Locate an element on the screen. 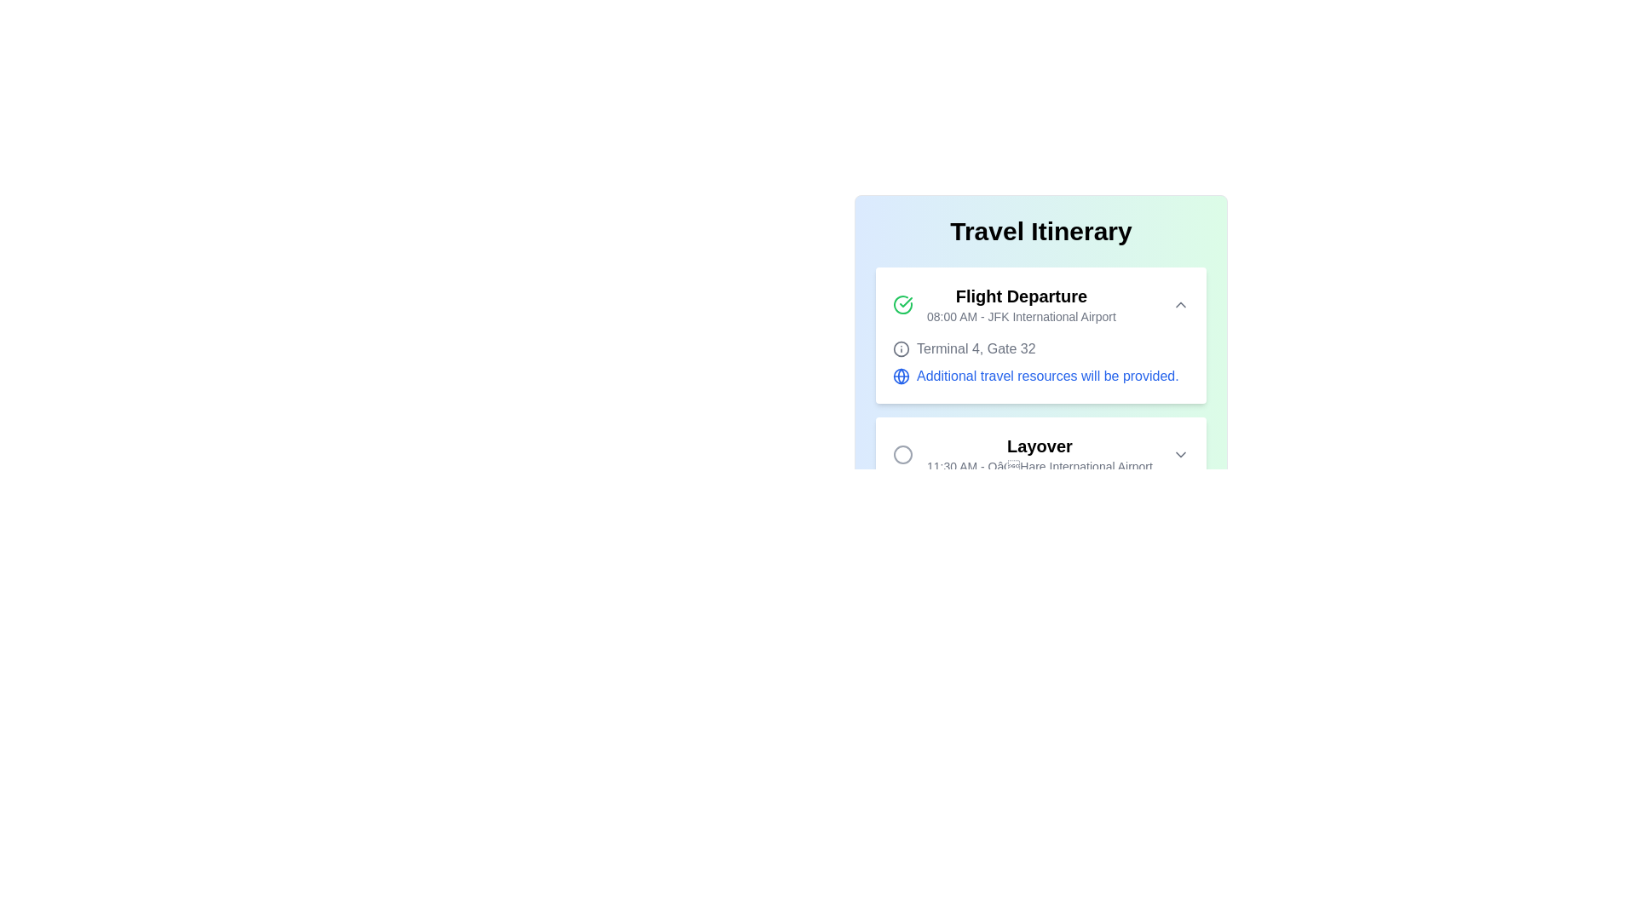  the icon associated with the text 'Terminal 4, Gate 32' is located at coordinates (900, 348).